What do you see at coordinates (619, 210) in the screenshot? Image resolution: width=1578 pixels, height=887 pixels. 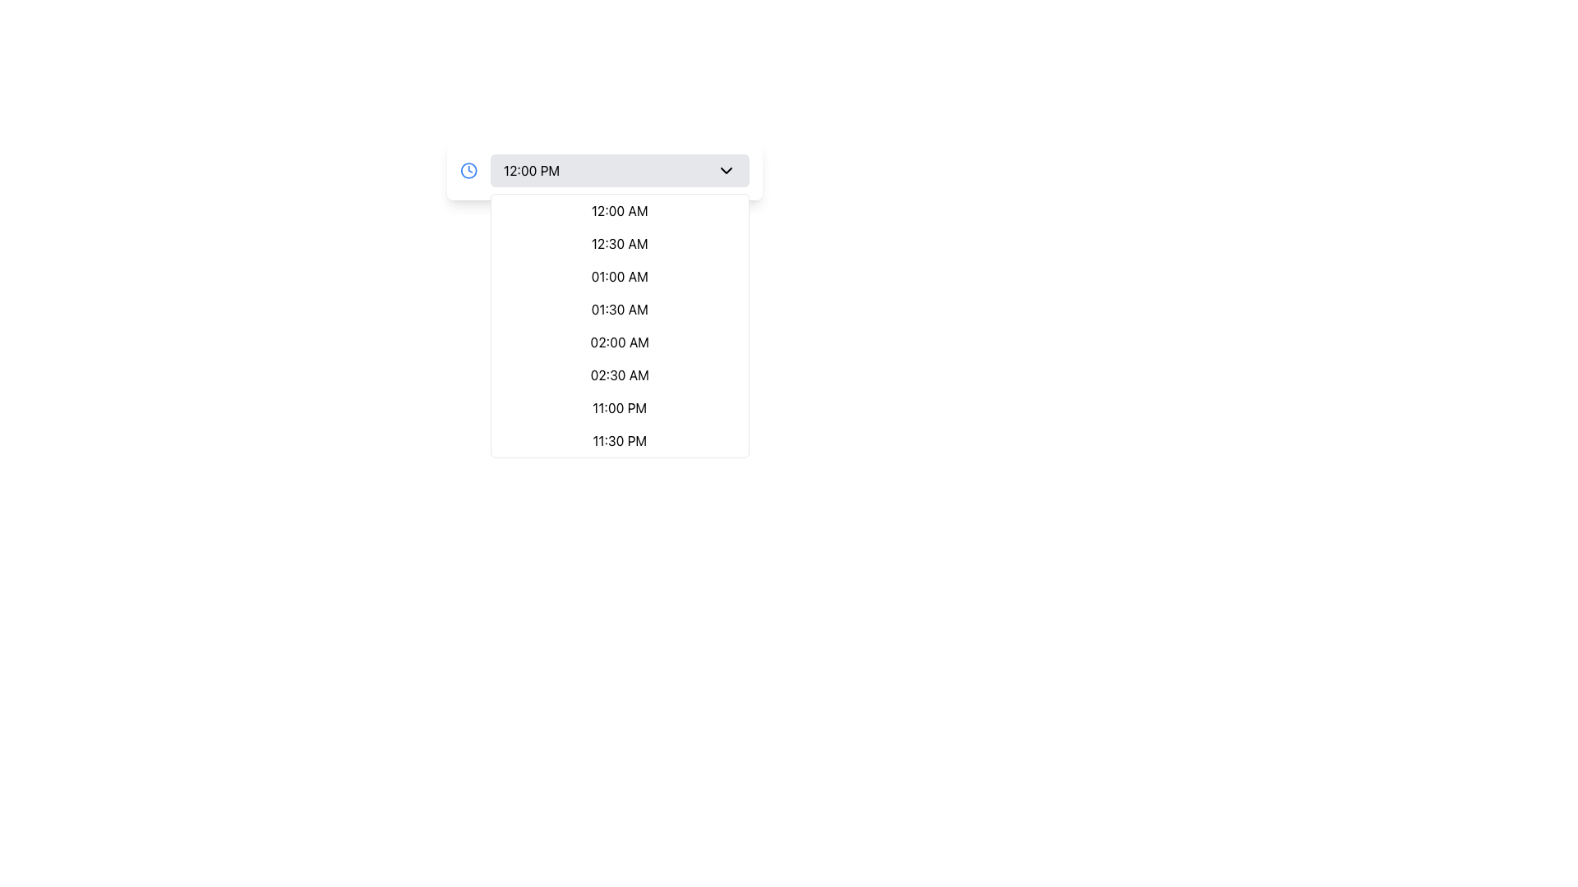 I see `the first item in the dropdown menu displaying the time '12:00 AM'` at bounding box center [619, 210].